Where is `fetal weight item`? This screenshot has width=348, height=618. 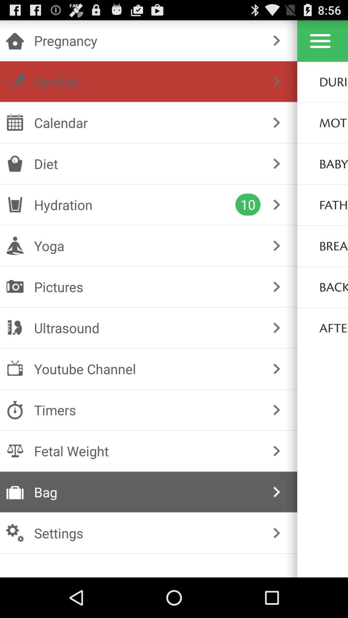 fetal weight item is located at coordinates (147, 451).